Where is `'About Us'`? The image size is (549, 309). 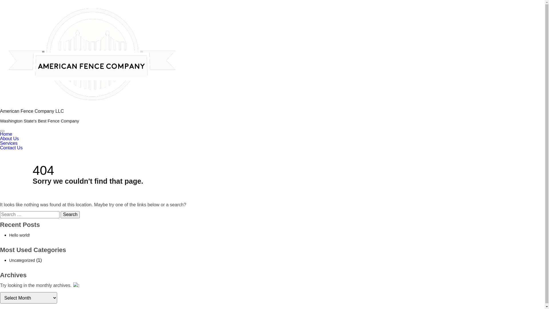 'About Us' is located at coordinates (9, 138).